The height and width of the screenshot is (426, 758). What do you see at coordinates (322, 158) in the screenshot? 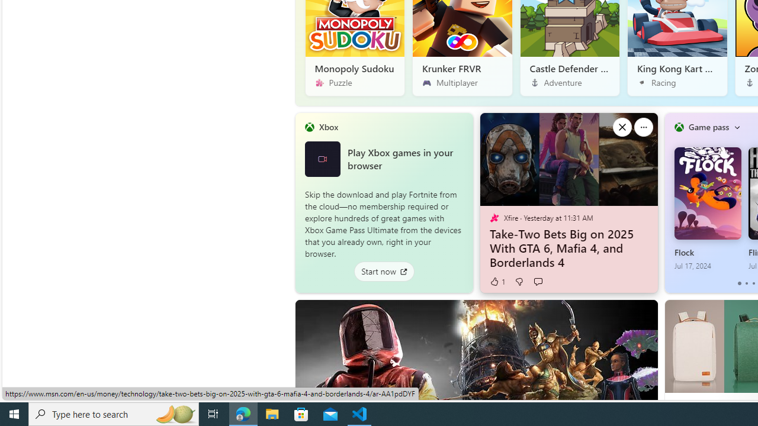
I see `'Xbox Logo'` at bounding box center [322, 158].